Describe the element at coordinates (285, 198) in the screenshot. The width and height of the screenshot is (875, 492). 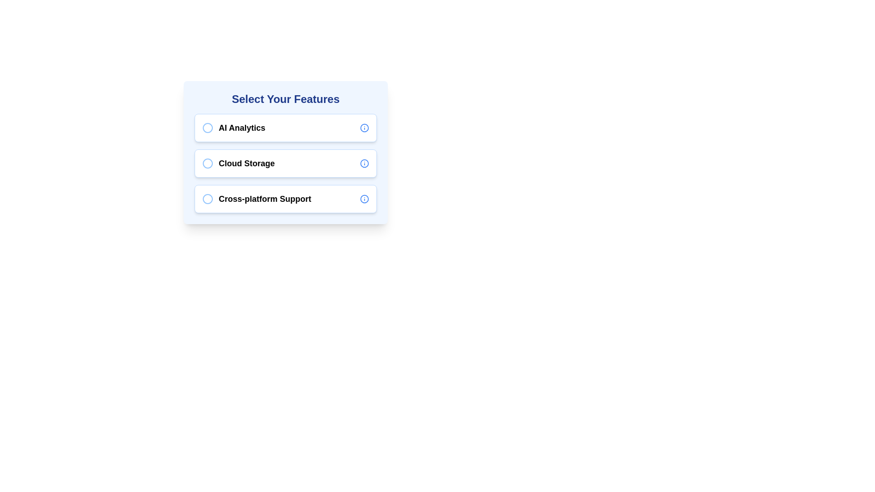
I see `the 'Cross-platform Support' selectable list item, which includes a radio button on the left and an information icon on the right` at that location.